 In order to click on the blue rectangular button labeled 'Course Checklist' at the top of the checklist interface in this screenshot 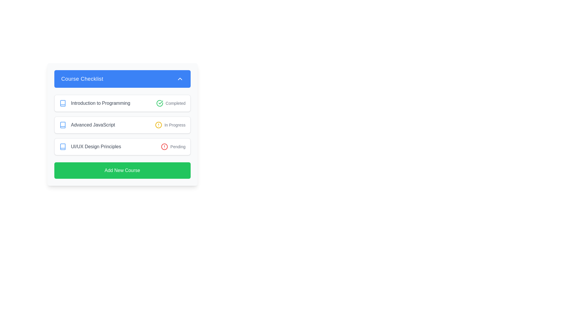, I will do `click(122, 79)`.